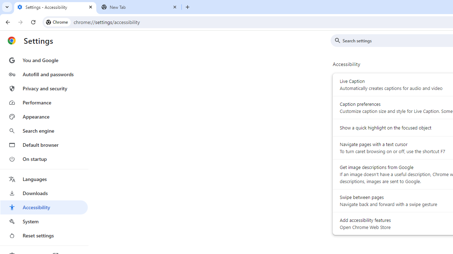 The width and height of the screenshot is (453, 254). I want to click on 'You and Google', so click(44, 60).